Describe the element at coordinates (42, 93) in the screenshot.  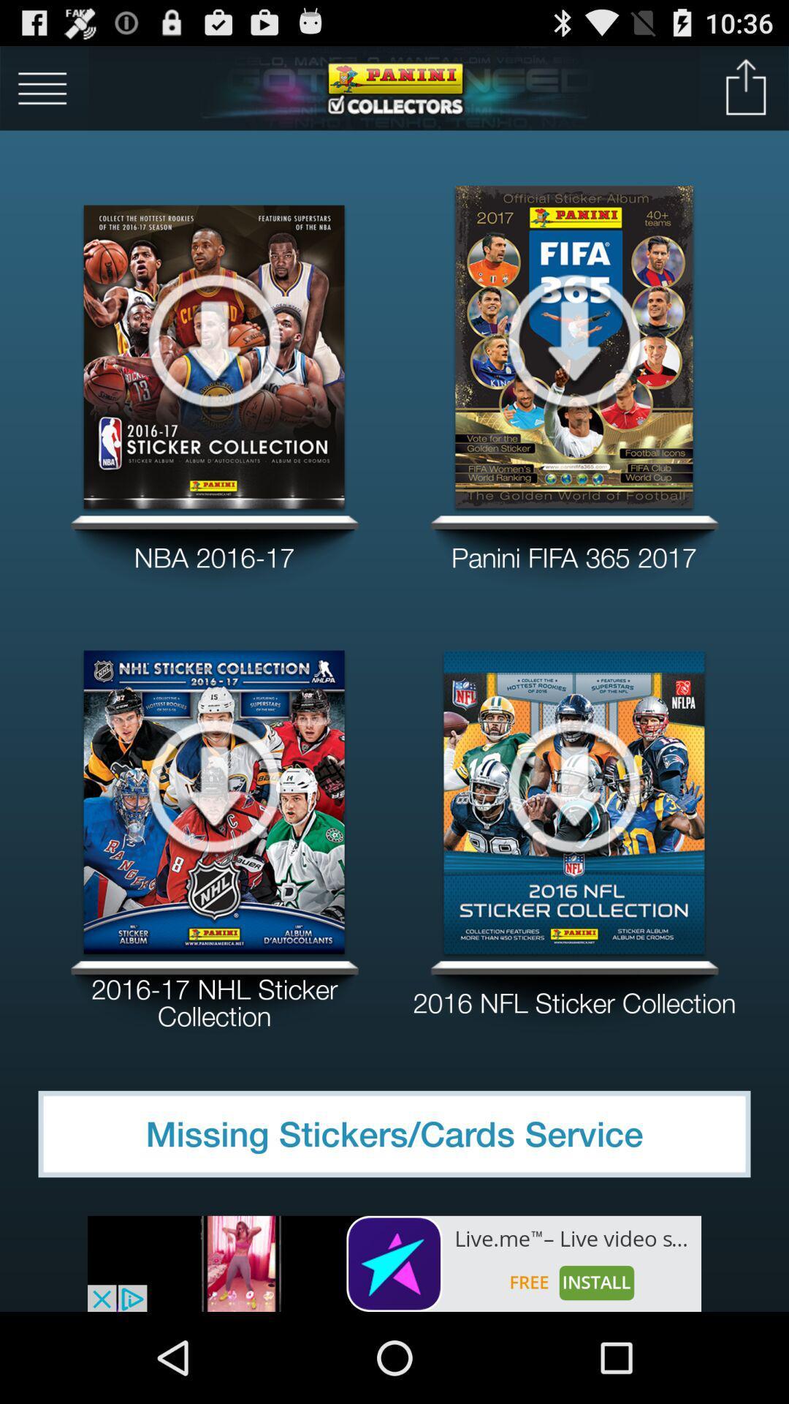
I see `the menu icon` at that location.